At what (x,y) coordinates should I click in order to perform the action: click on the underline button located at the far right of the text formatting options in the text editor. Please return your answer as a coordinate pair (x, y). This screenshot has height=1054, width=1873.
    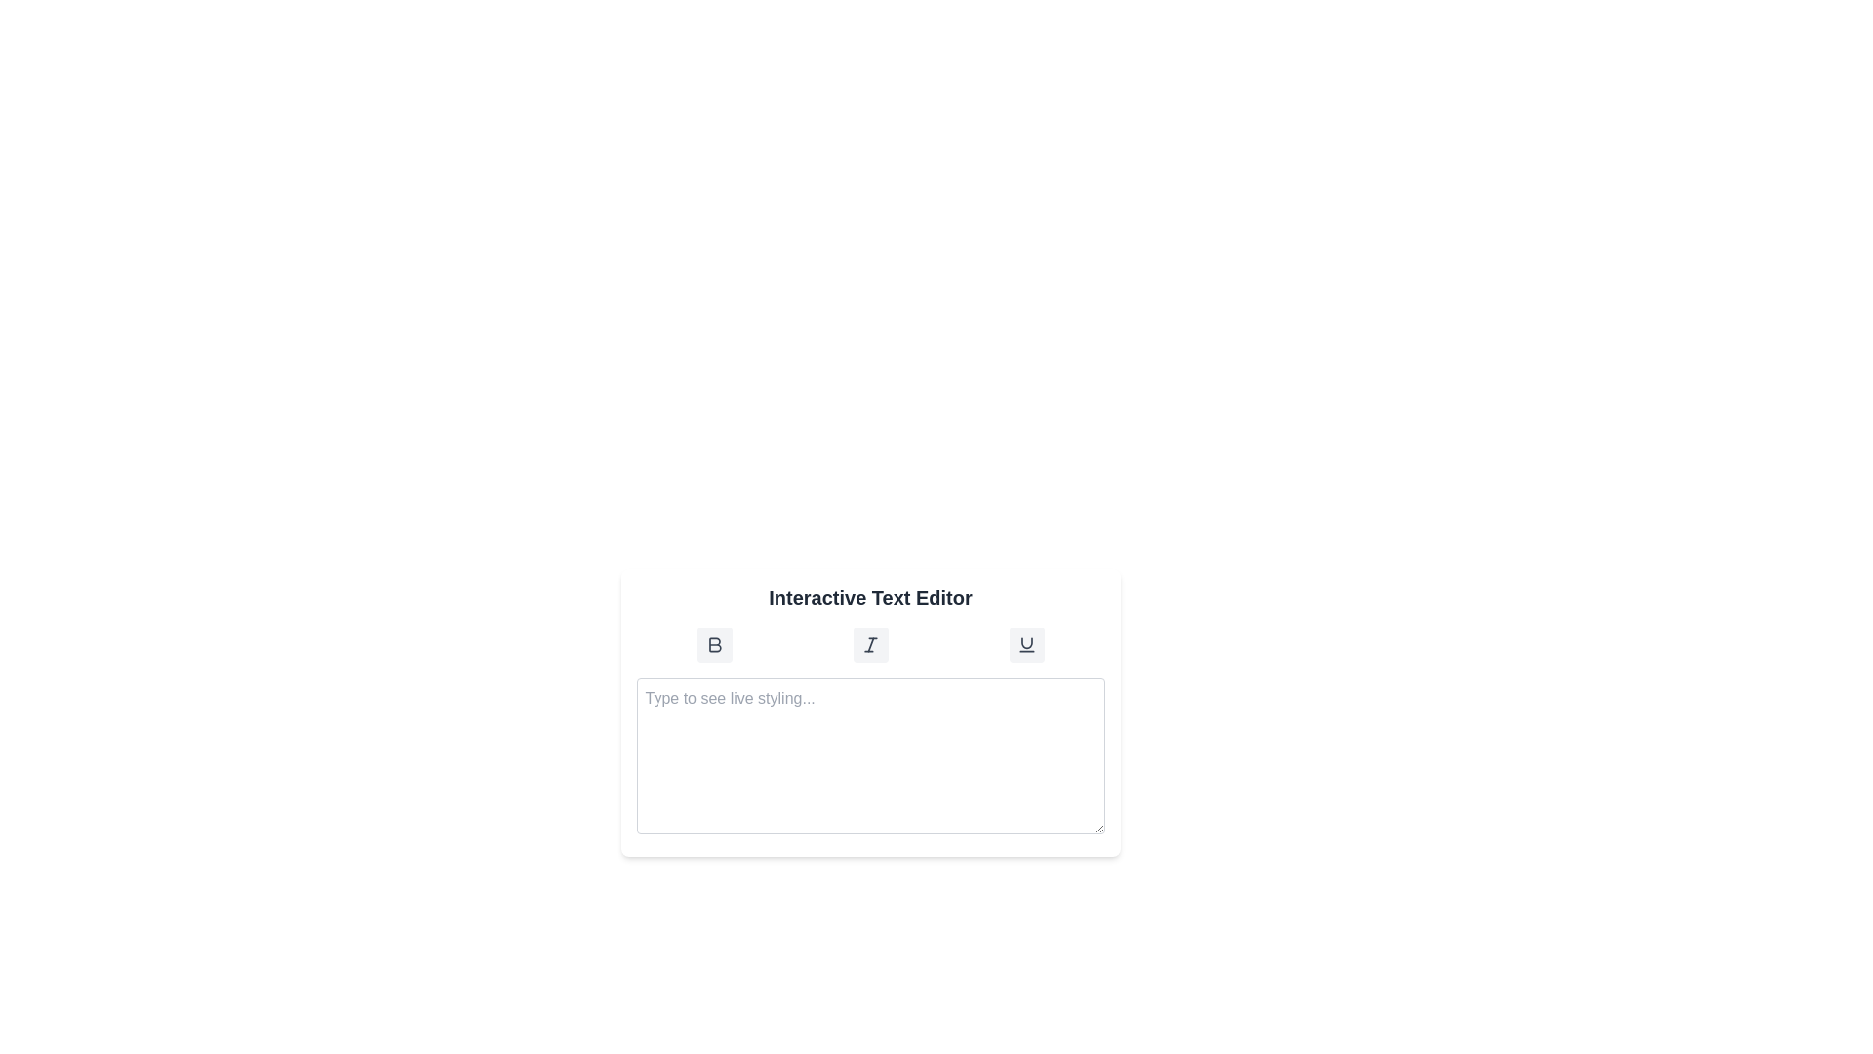
    Looking at the image, I should click on (1025, 644).